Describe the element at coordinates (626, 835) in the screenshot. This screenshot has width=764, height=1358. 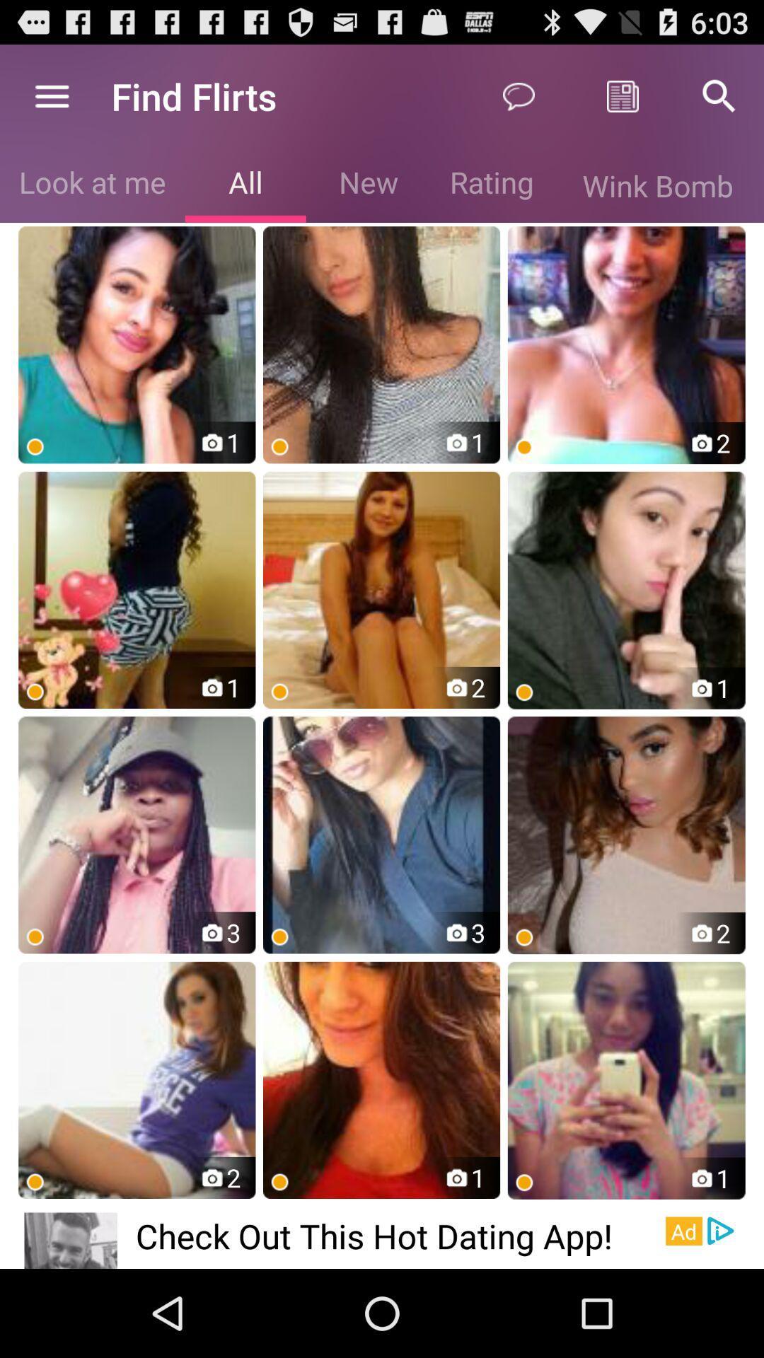
I see `third row third right image of the page` at that location.